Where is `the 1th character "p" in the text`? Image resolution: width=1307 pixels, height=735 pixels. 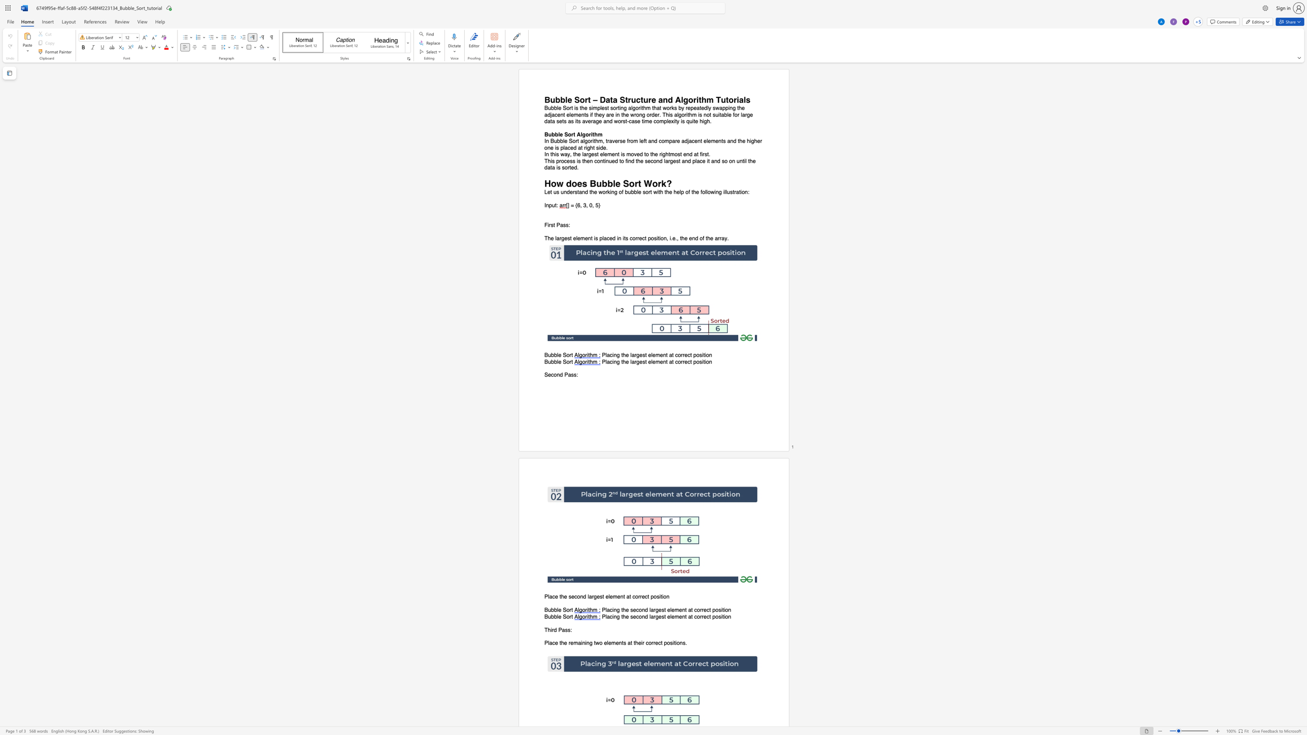 the 1th character "p" in the text is located at coordinates (714, 616).